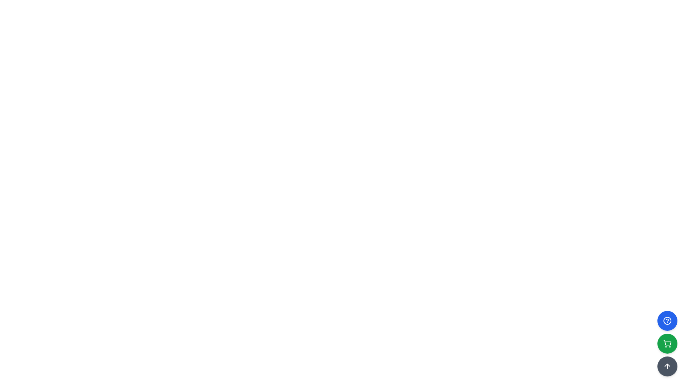 The width and height of the screenshot is (686, 385). Describe the element at coordinates (667, 366) in the screenshot. I see `the third button in the vertical stack located at the bottom-right corner of the interface` at that location.